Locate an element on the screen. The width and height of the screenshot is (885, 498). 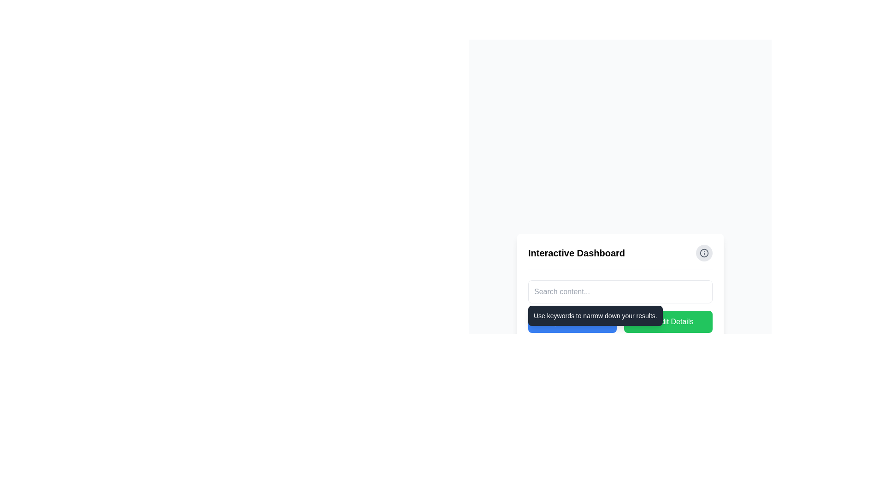
the tooltip located directly below the search input box, which provides guidance about its functionality is located at coordinates (595, 315).